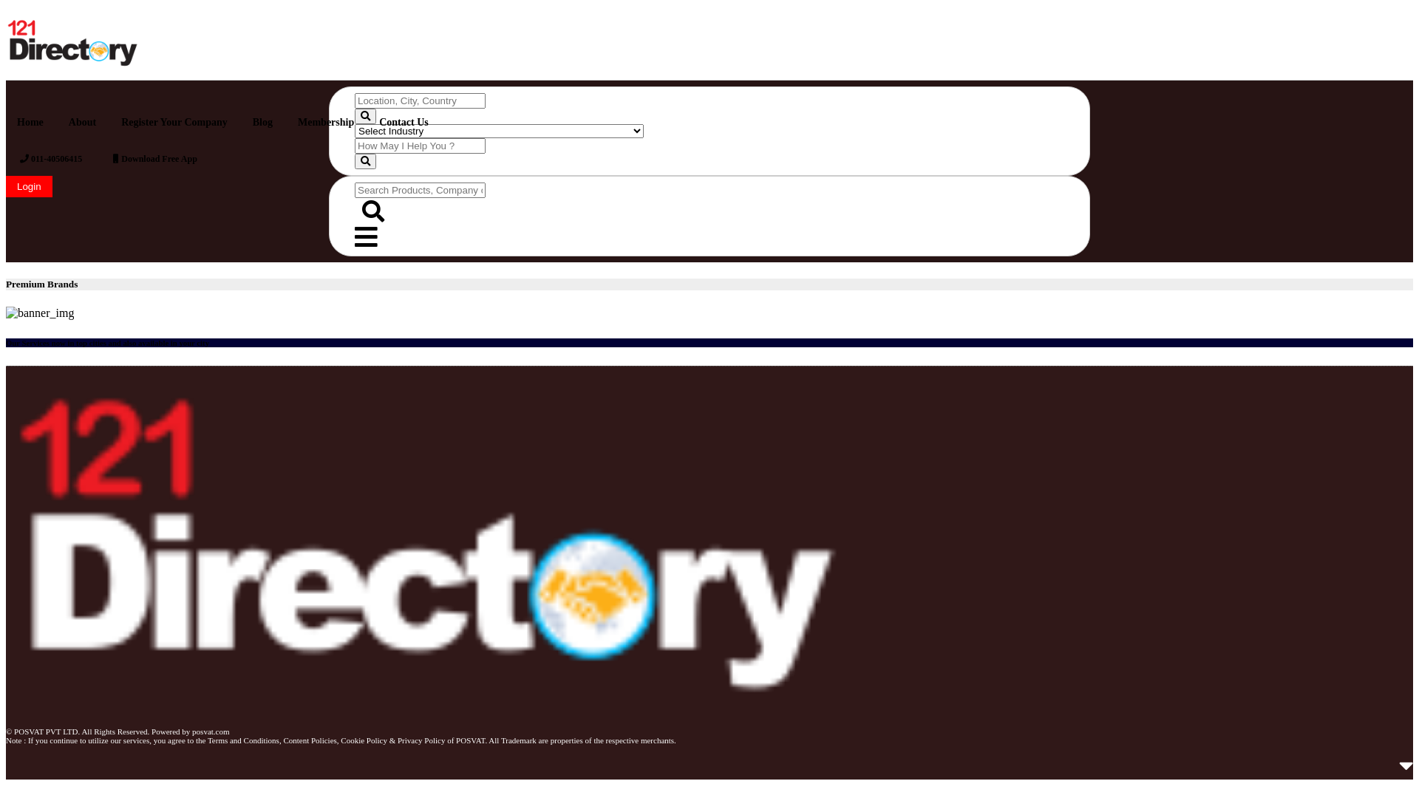 The image size is (1419, 798). I want to click on 'Register Your Company', so click(174, 121).